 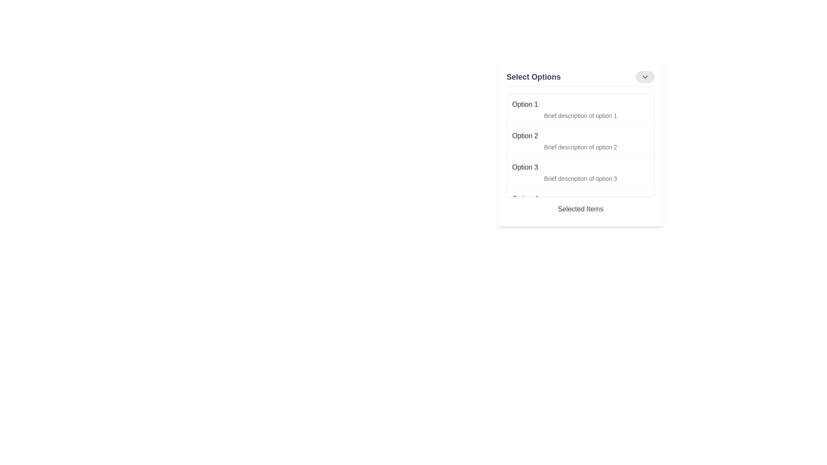 I want to click on the text label displaying 'Selected Items' to trigger the tooltip or action associated with it, so click(x=581, y=211).